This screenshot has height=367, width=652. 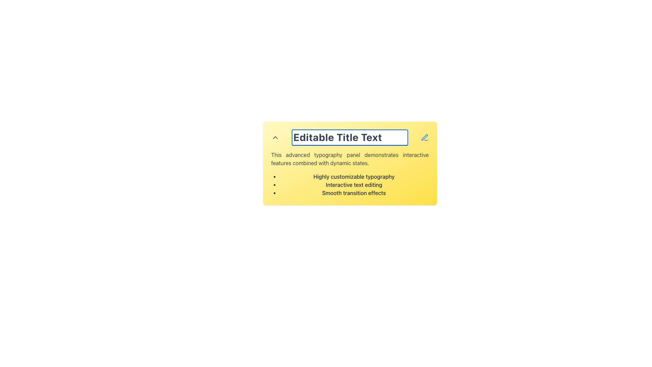 I want to click on the text input field located near the top of the yellow panel, so click(x=350, y=138).